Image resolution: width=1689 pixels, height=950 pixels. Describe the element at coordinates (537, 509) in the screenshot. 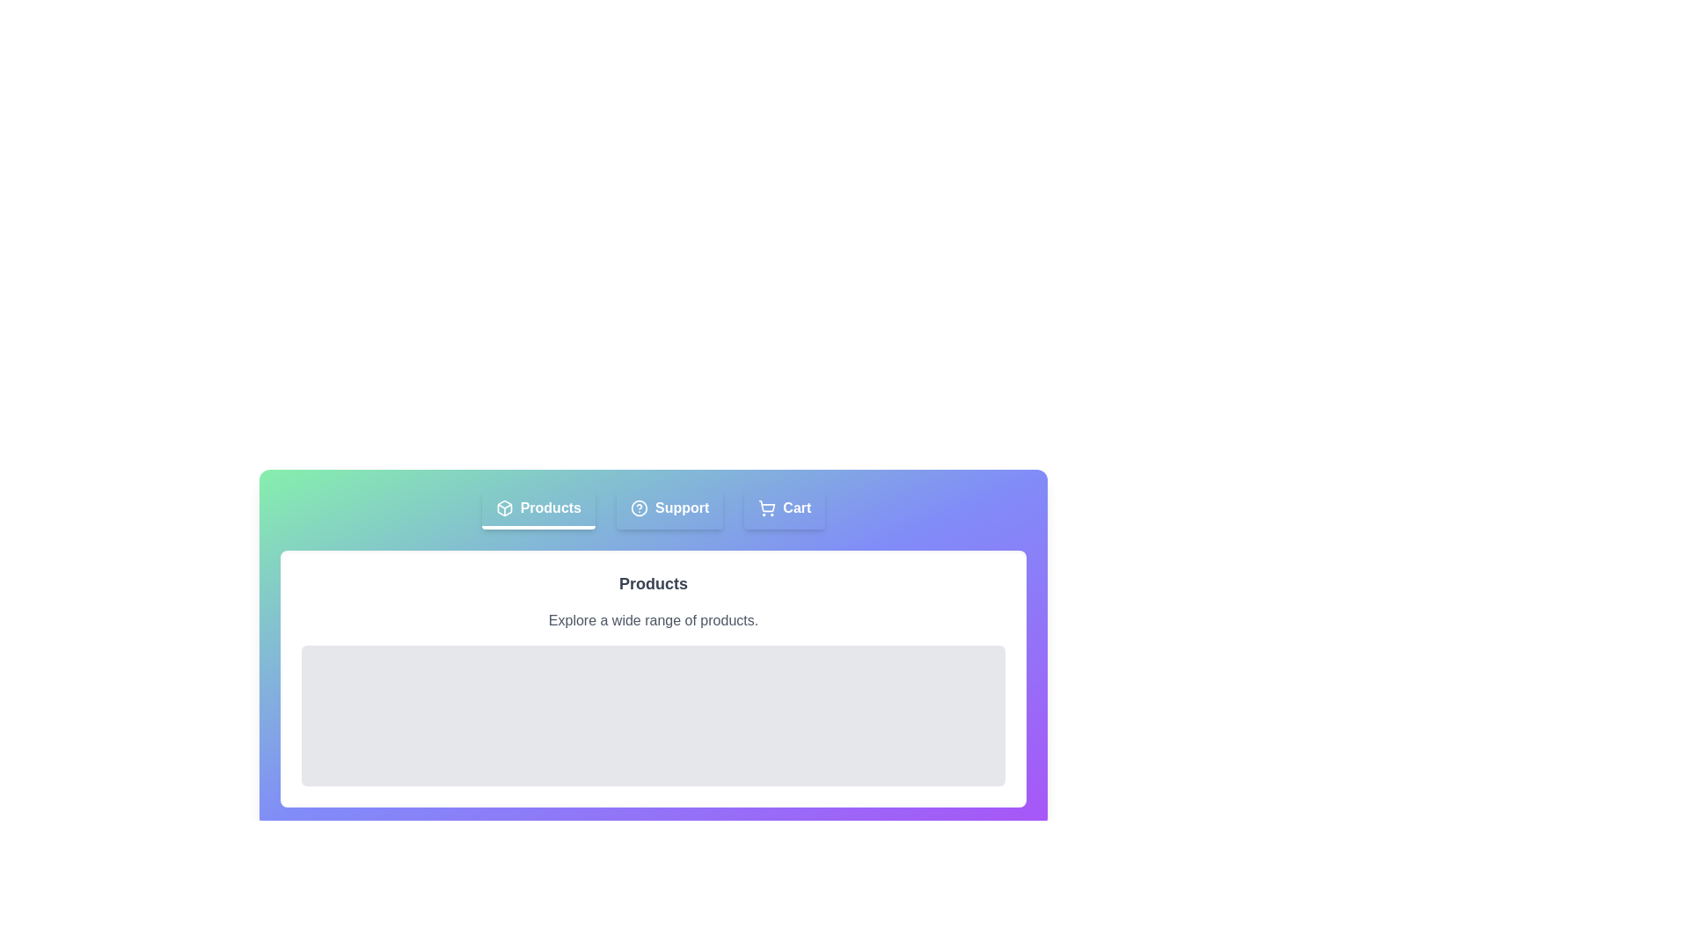

I see `the button labeled Products to observe its hover effect` at that location.